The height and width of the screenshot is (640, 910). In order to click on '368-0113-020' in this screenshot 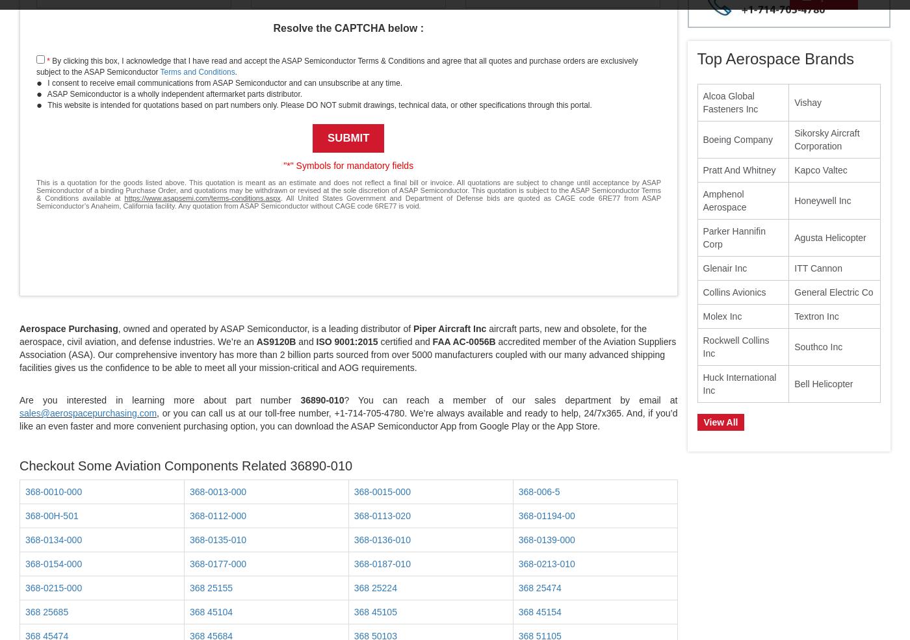, I will do `click(382, 515)`.